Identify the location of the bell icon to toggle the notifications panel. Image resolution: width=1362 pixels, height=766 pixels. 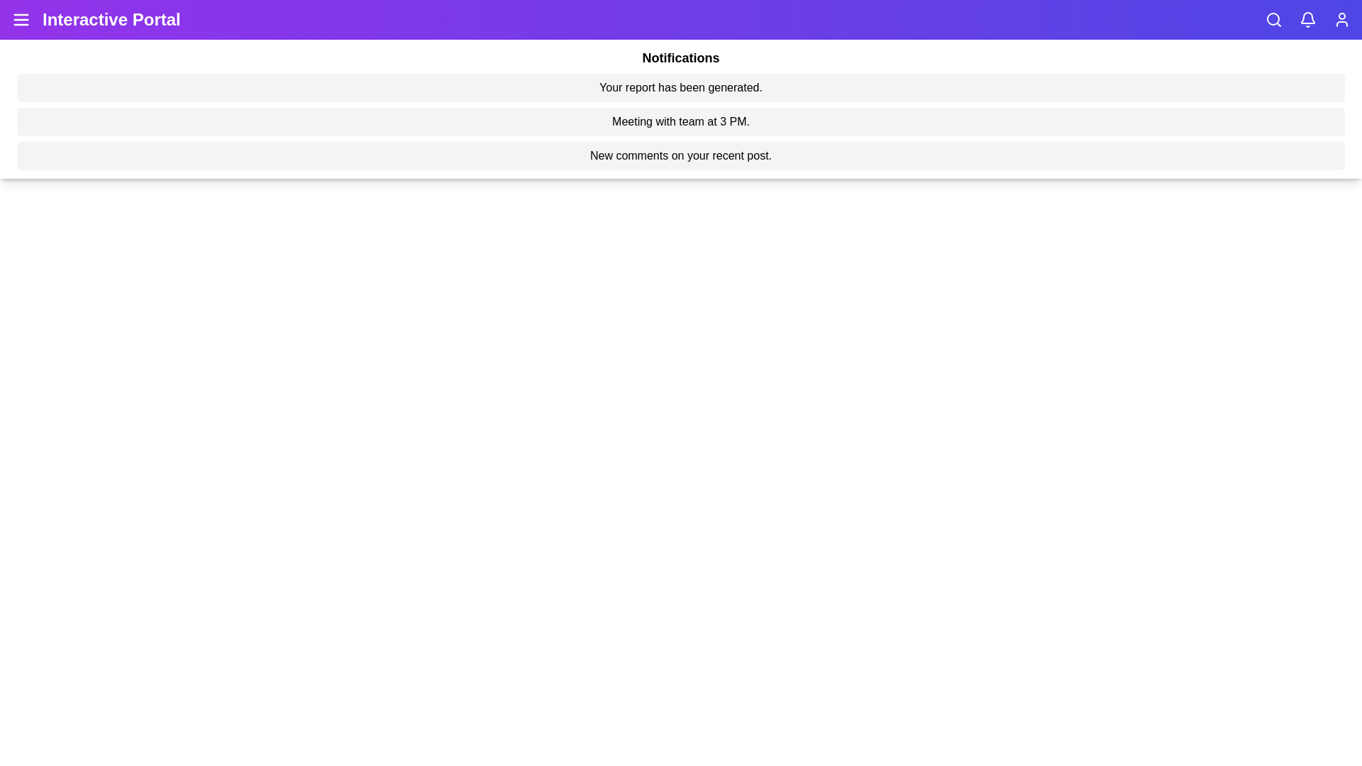
(1307, 19).